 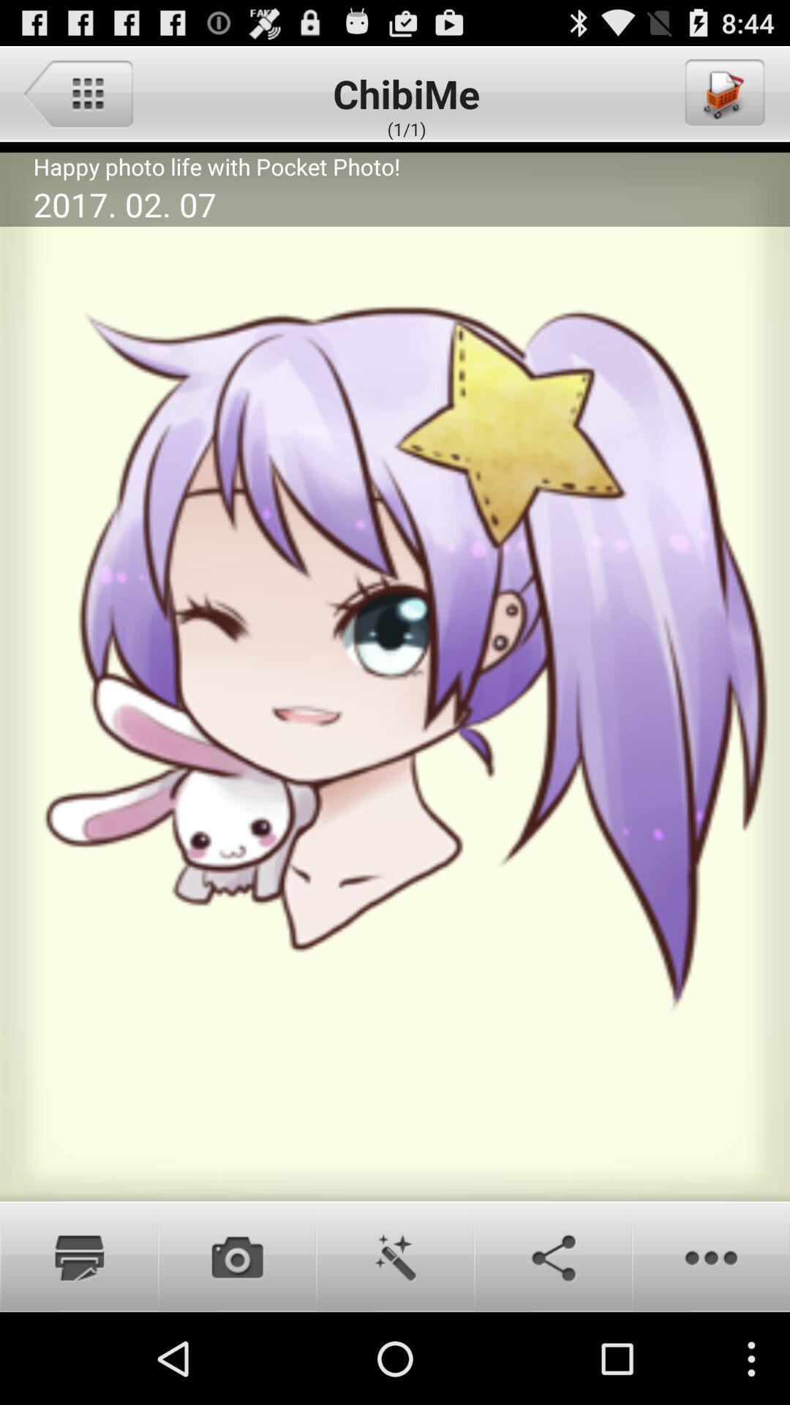 What do you see at coordinates (723, 92) in the screenshot?
I see `icon to the right of chibime item` at bounding box center [723, 92].